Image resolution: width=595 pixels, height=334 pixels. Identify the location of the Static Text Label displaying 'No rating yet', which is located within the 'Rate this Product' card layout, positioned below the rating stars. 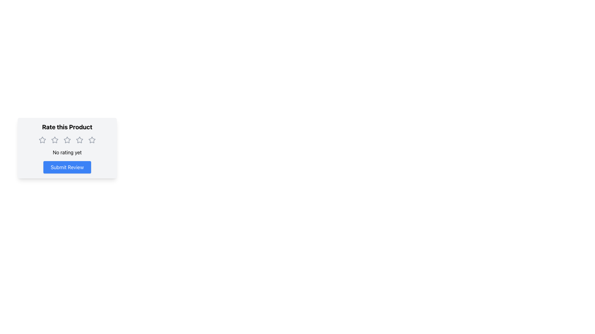
(67, 152).